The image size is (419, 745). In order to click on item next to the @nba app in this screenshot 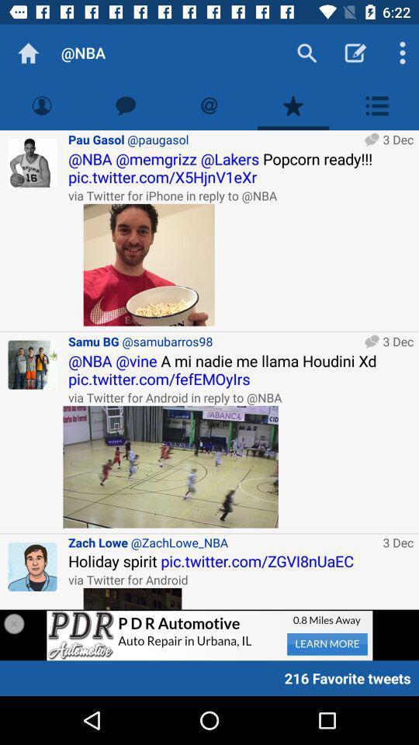, I will do `click(28, 53)`.